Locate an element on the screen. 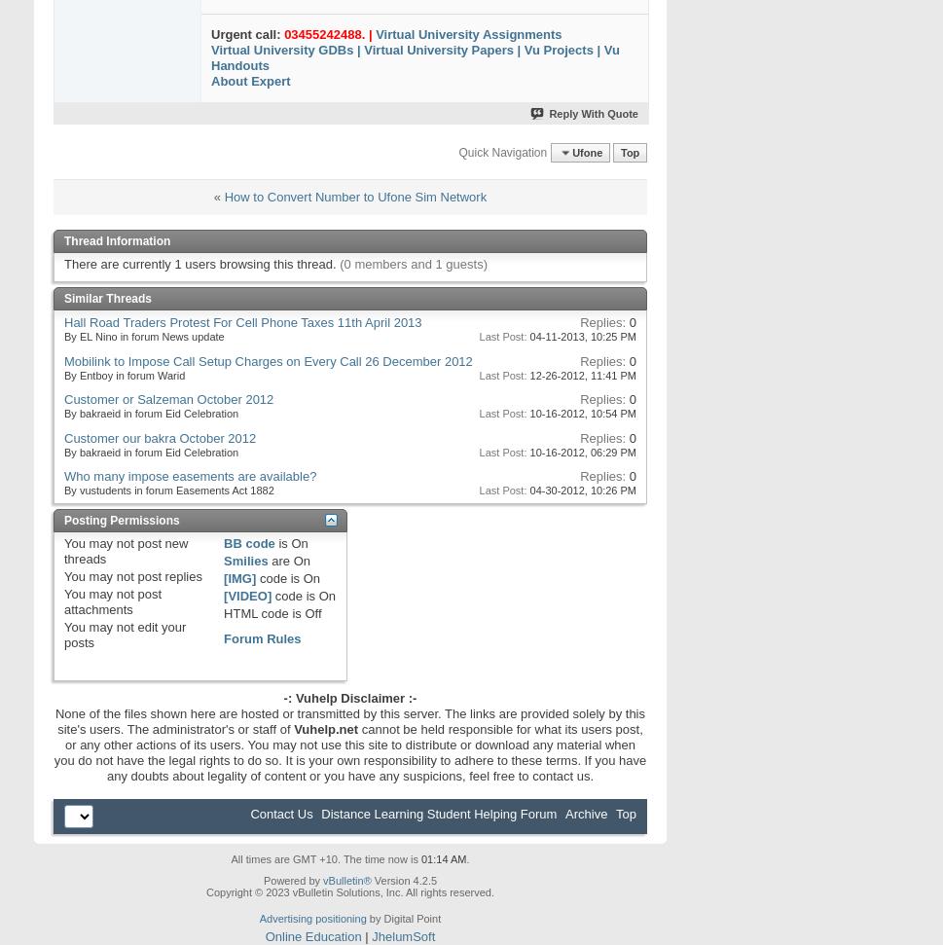  '[VIDEO]' is located at coordinates (246, 594).